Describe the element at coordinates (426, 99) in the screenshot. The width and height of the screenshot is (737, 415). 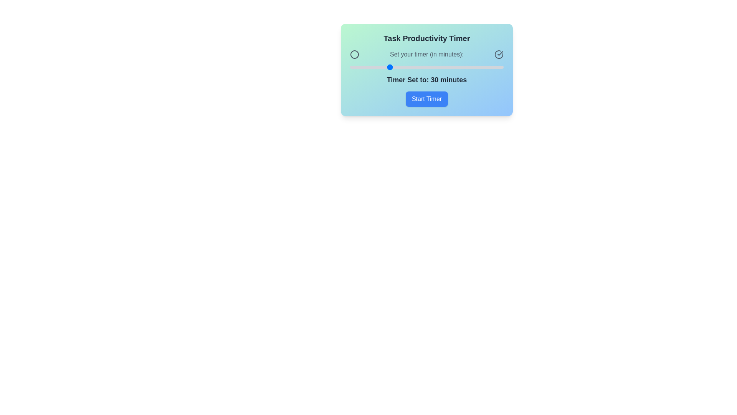
I see `the 'Start Timer' button to initiate the timer` at that location.